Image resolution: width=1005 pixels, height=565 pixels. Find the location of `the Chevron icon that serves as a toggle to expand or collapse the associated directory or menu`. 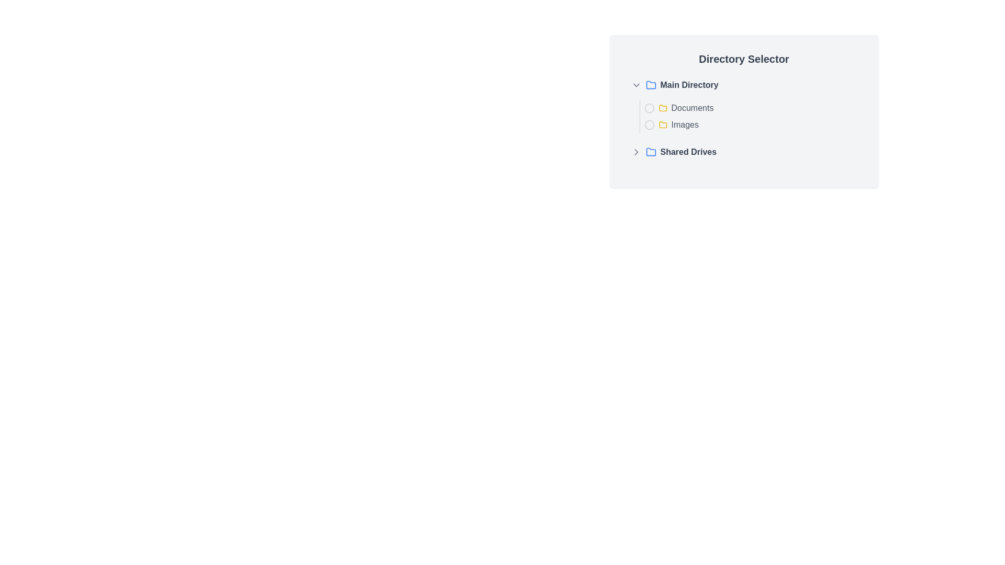

the Chevron icon that serves as a toggle to expand or collapse the associated directory or menu is located at coordinates (635, 84).